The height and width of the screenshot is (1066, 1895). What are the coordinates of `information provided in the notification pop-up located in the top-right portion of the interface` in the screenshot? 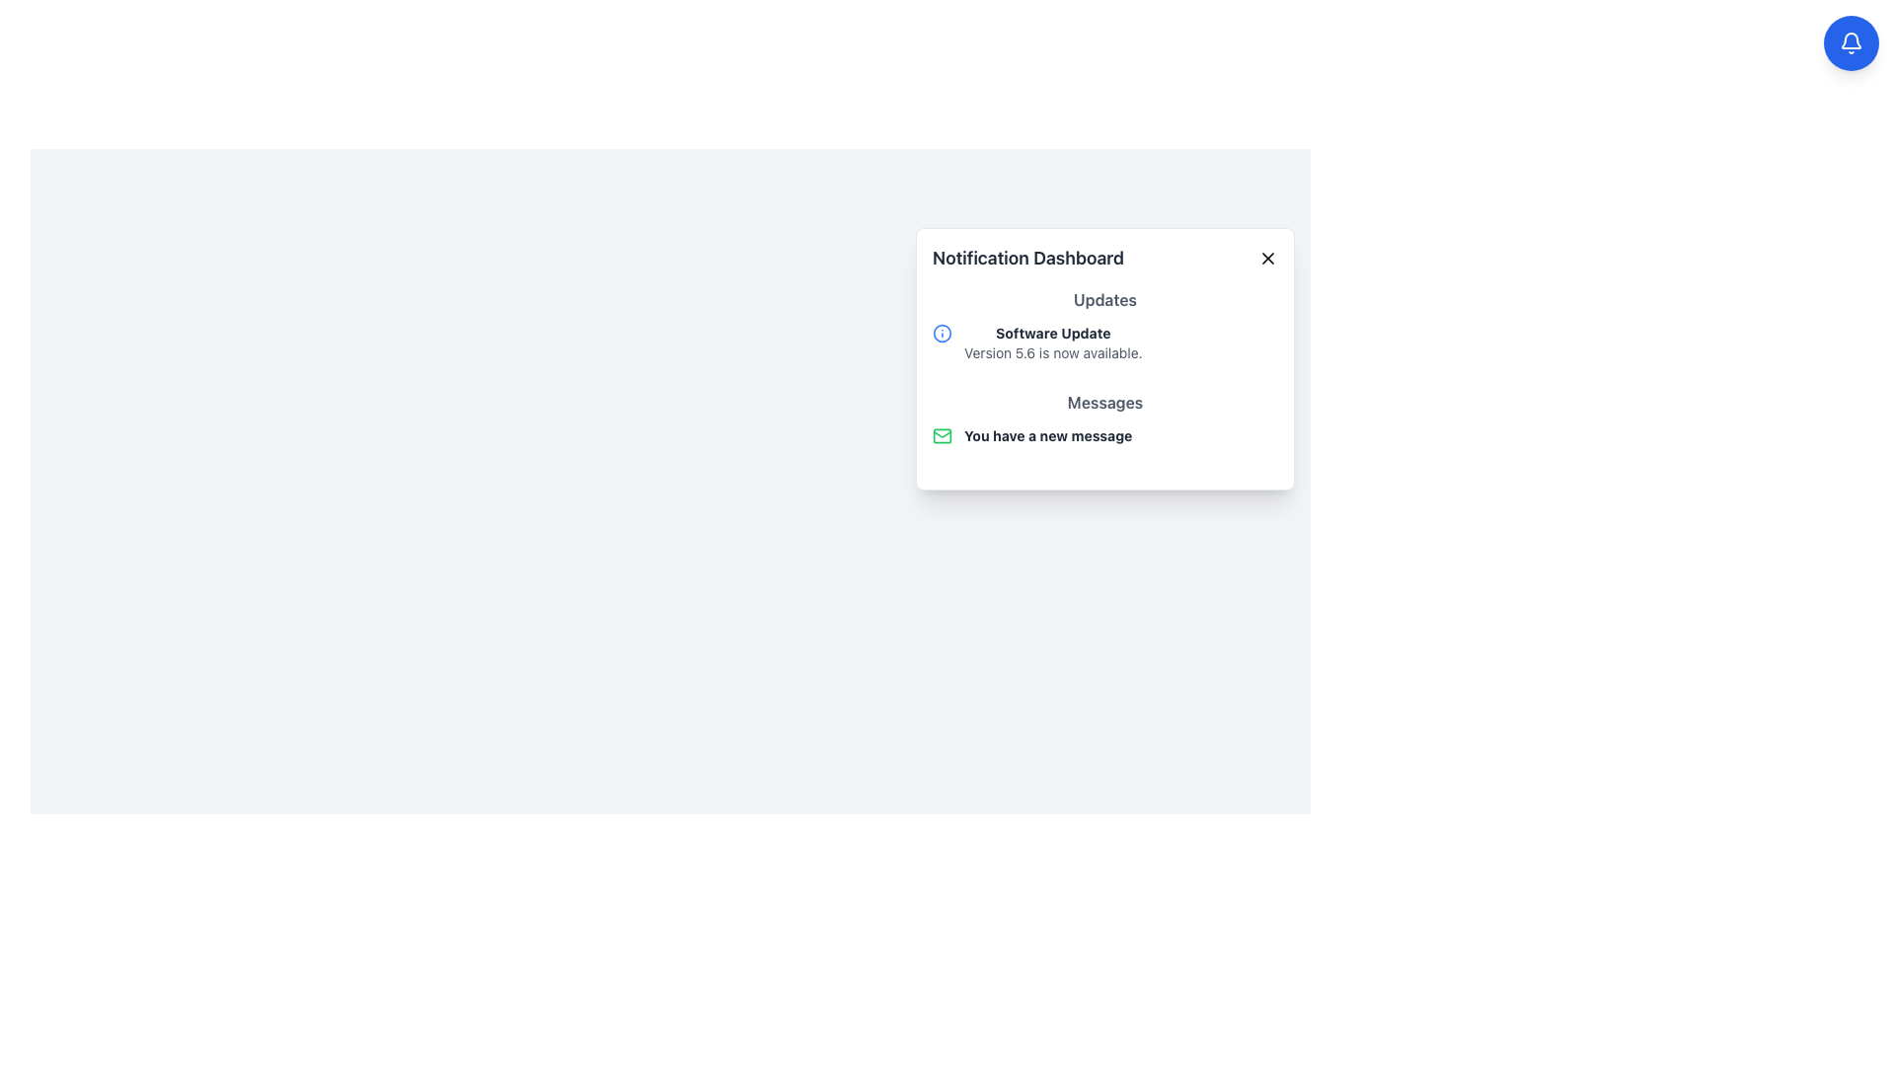 It's located at (1103, 358).